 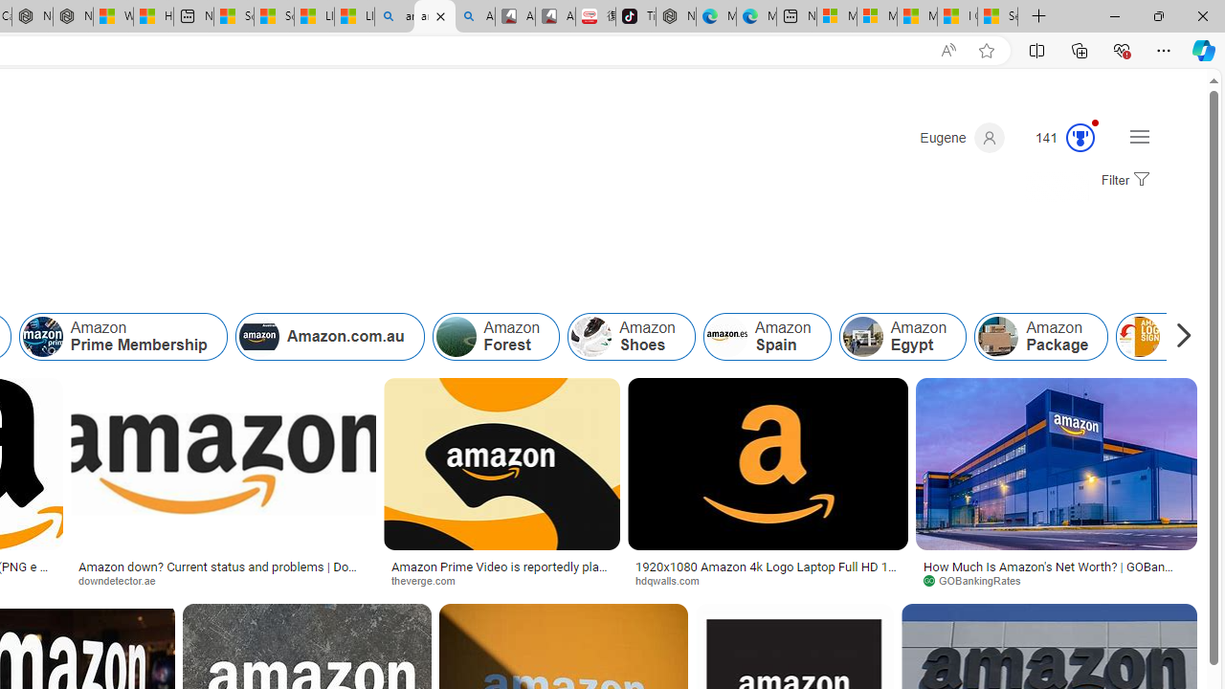 What do you see at coordinates (329, 336) in the screenshot?
I see `'Amazon.com.au'` at bounding box center [329, 336].